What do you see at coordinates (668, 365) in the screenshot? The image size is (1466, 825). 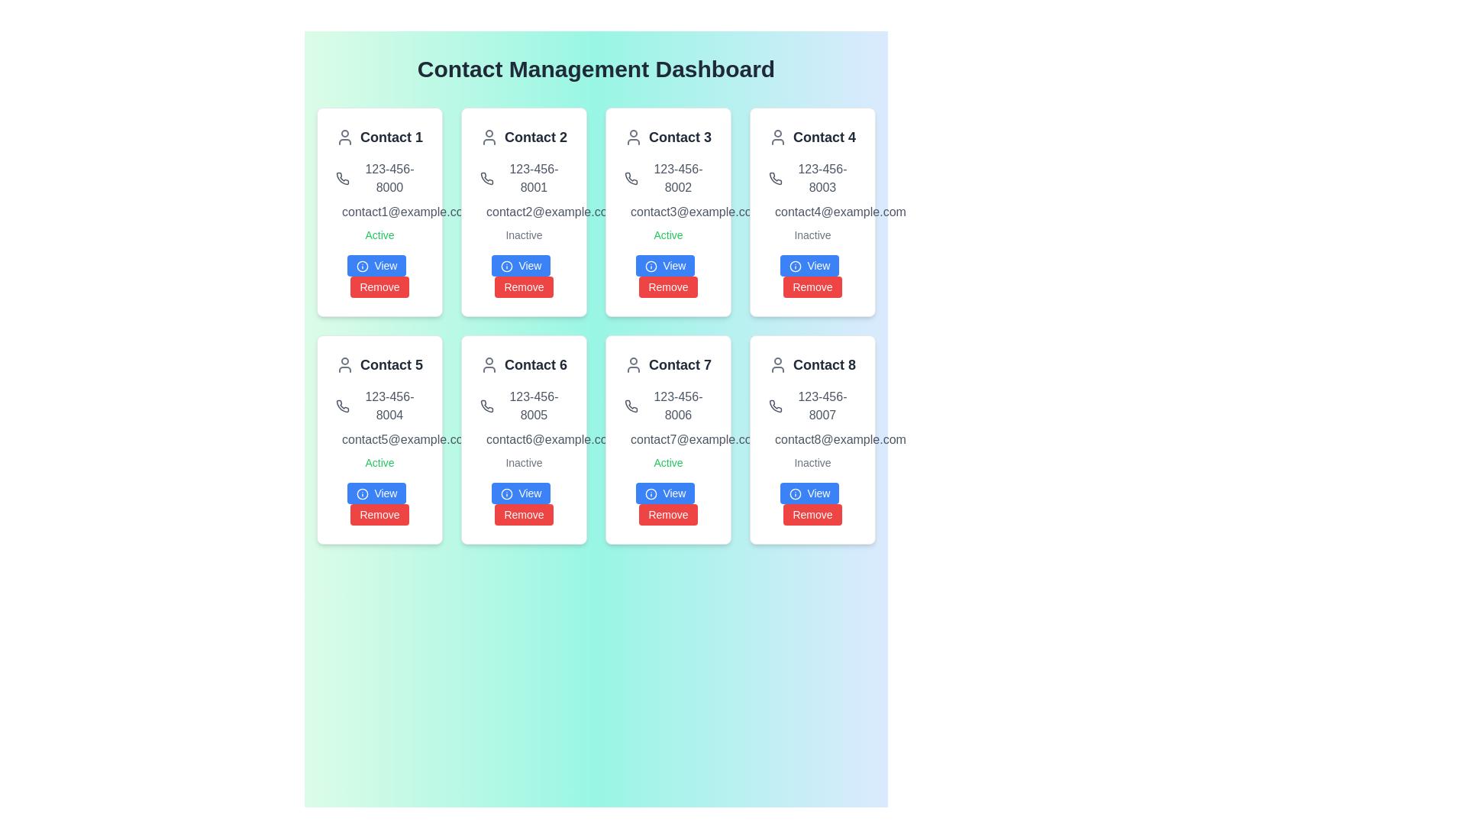 I see `the text label identifying the contact in the 'Contact 7' card layout, located at the top portion of the card` at bounding box center [668, 365].